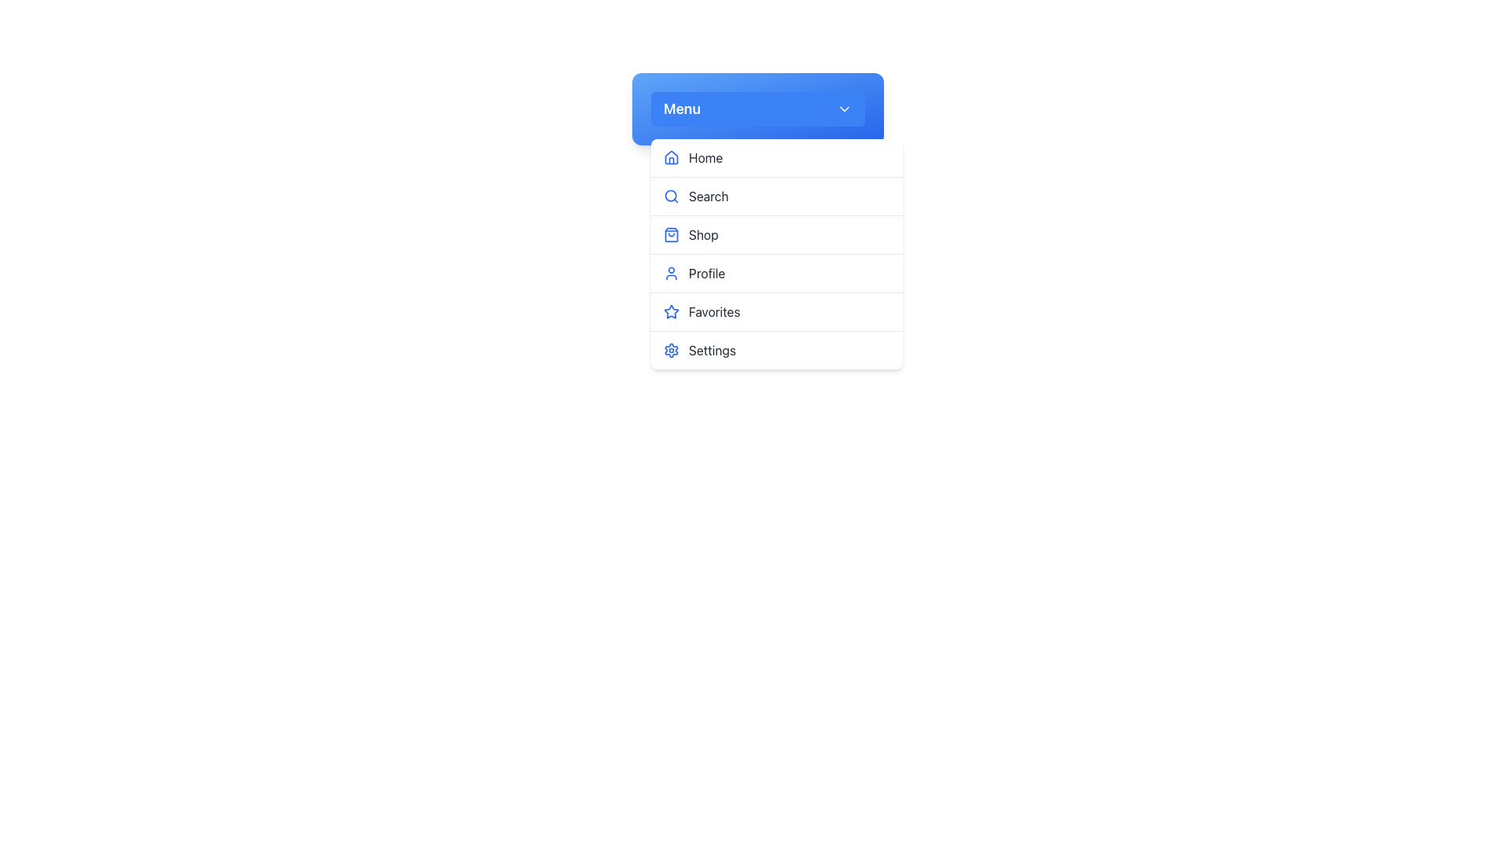  What do you see at coordinates (672, 272) in the screenshot?
I see `the user profile icon, which is a blue outline of a person within a circular border, located in the fourth row of the dropdown menu under 'Menu', next to the 'Profile' label` at bounding box center [672, 272].